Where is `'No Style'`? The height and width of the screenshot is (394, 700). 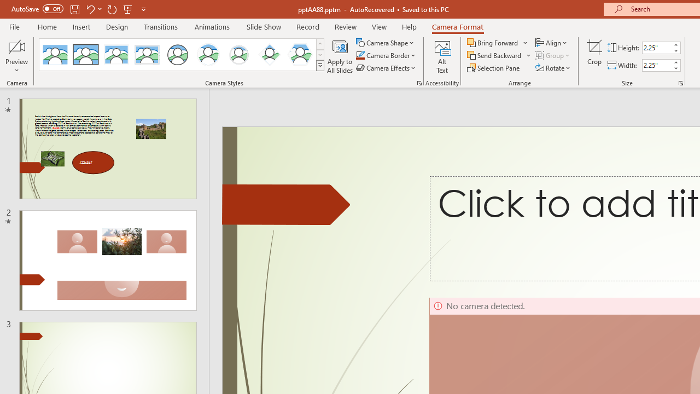
'No Style' is located at coordinates (55, 55).